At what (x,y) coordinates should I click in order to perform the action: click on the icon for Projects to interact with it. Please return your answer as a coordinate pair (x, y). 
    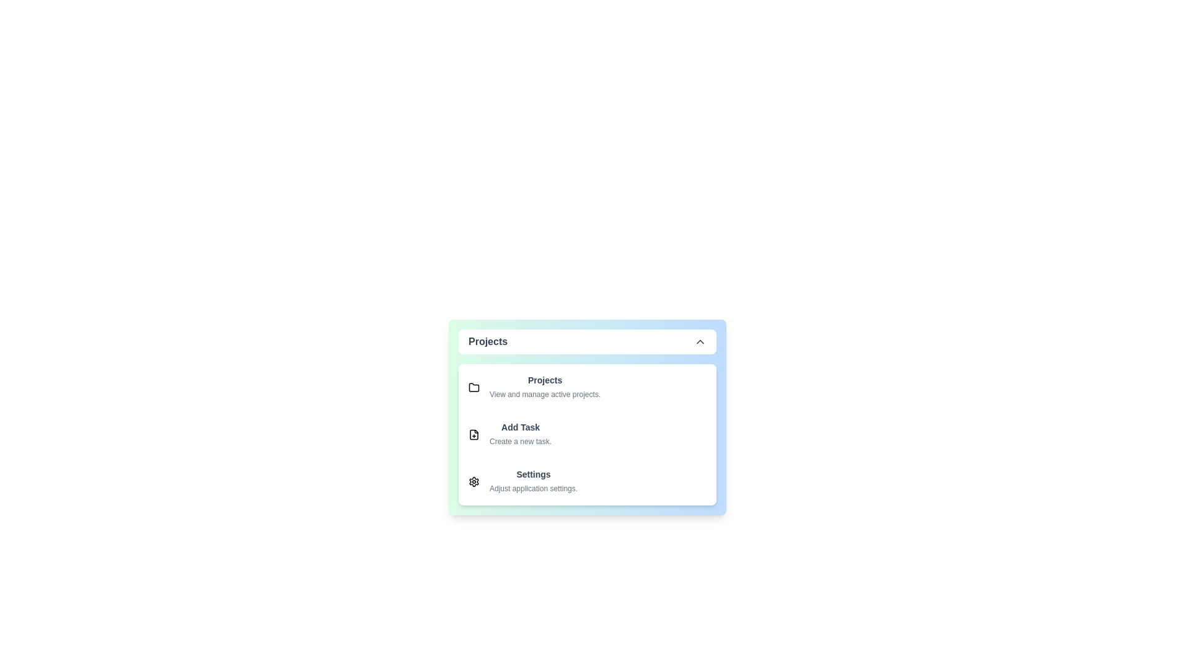
    Looking at the image, I should click on (473, 387).